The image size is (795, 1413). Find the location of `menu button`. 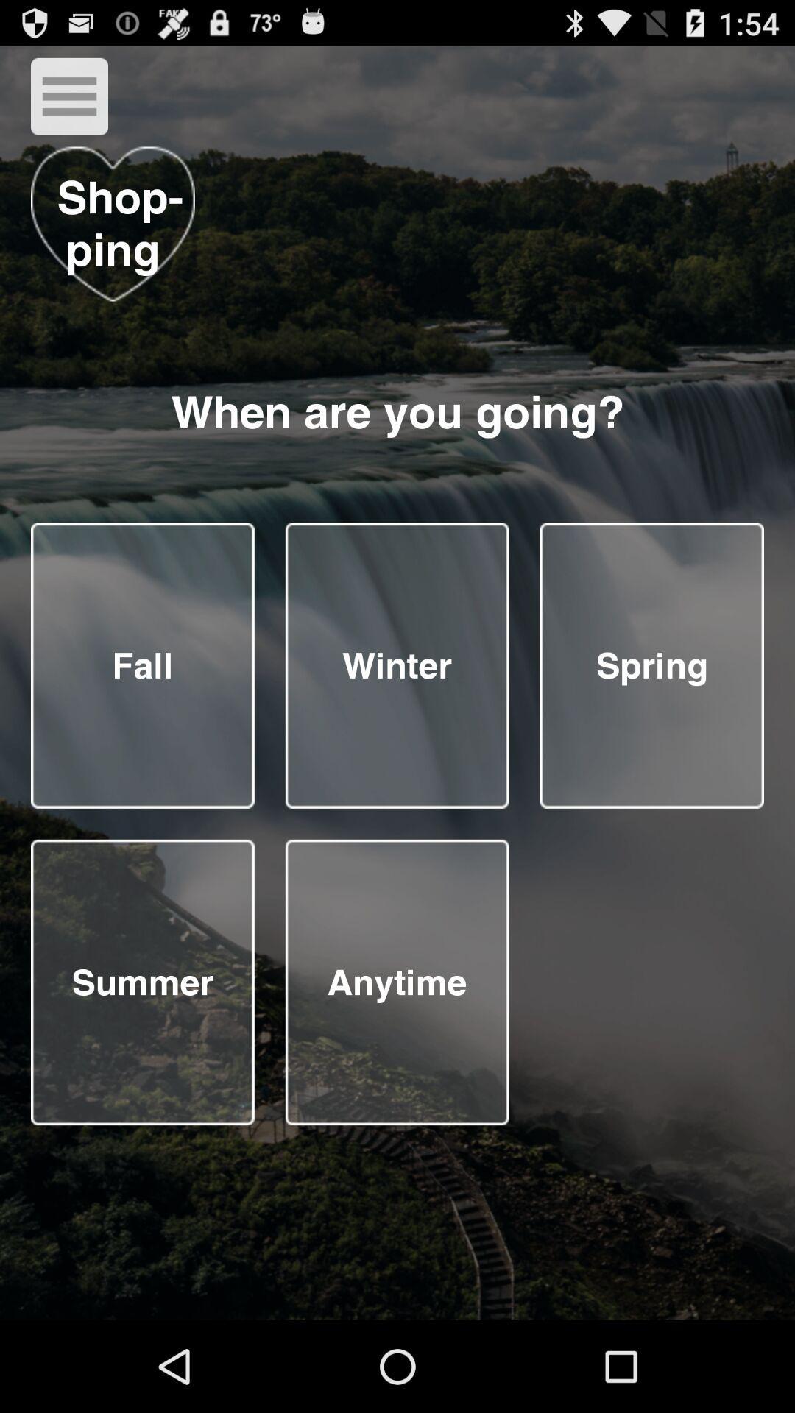

menu button is located at coordinates (69, 96).